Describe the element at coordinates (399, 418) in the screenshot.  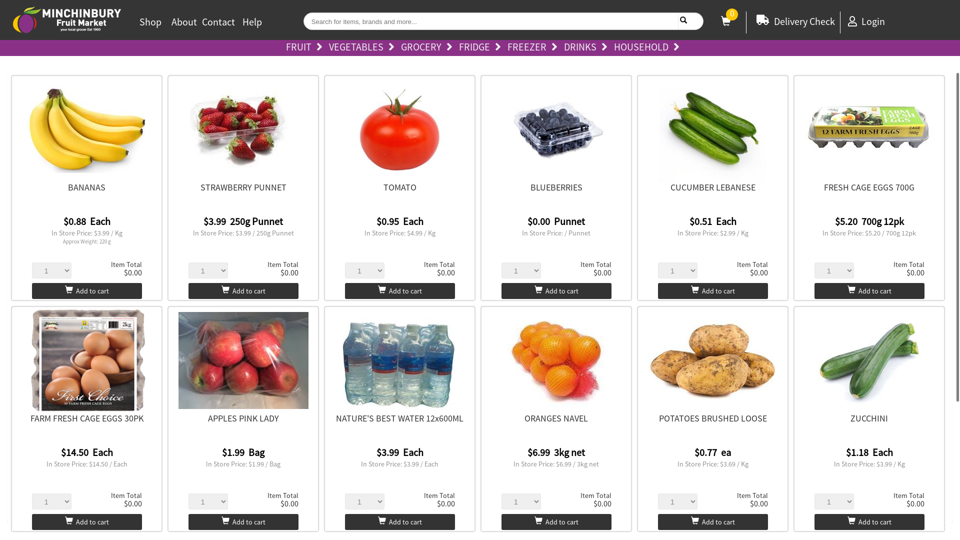
I see `'NATURE'S BEST WATER 12x600ML'` at that location.